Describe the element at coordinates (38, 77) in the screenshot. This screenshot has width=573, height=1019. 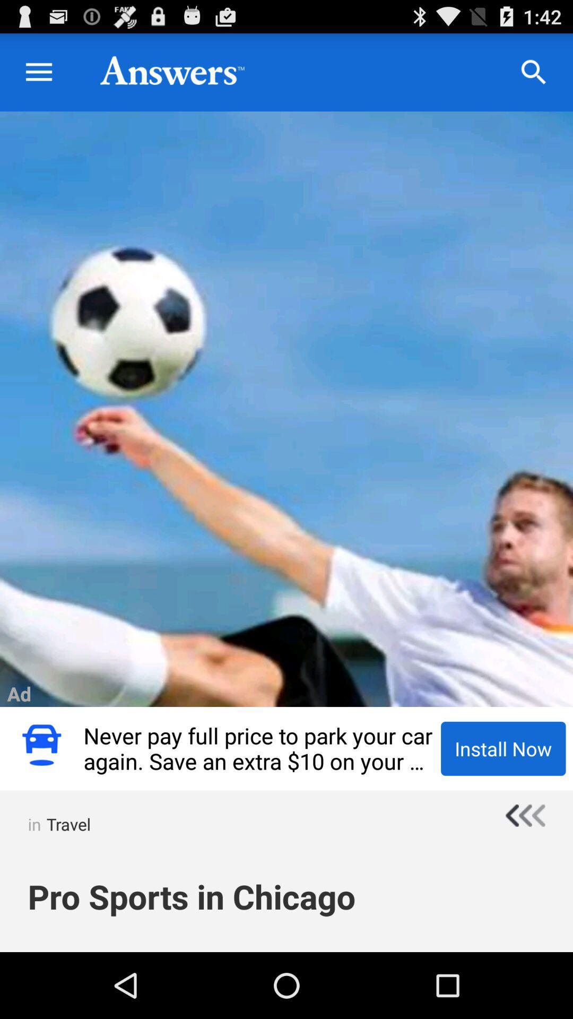
I see `the menu icon` at that location.